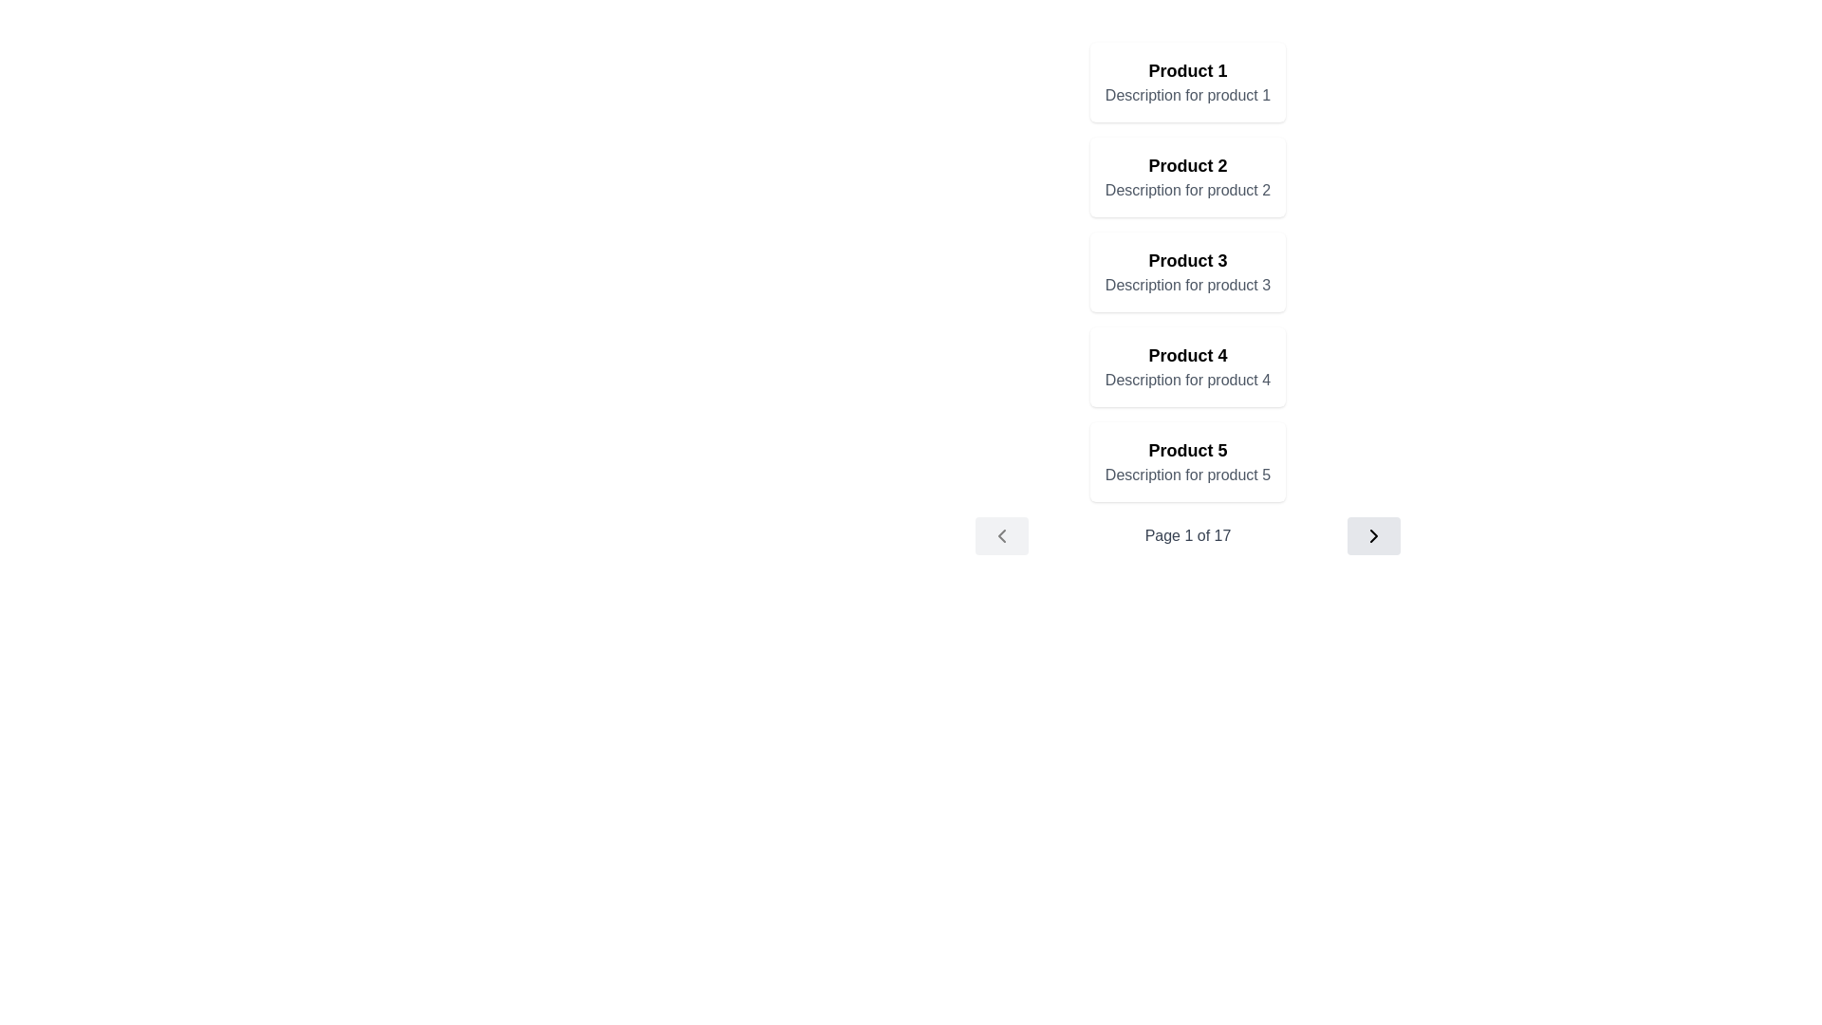  Describe the element at coordinates (1187, 381) in the screenshot. I see `the descriptive label` at that location.